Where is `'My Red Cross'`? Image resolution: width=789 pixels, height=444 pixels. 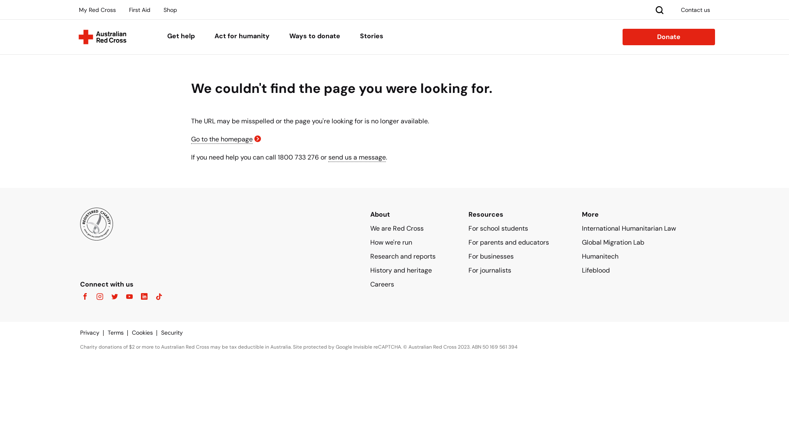
'My Red Cross' is located at coordinates (97, 9).